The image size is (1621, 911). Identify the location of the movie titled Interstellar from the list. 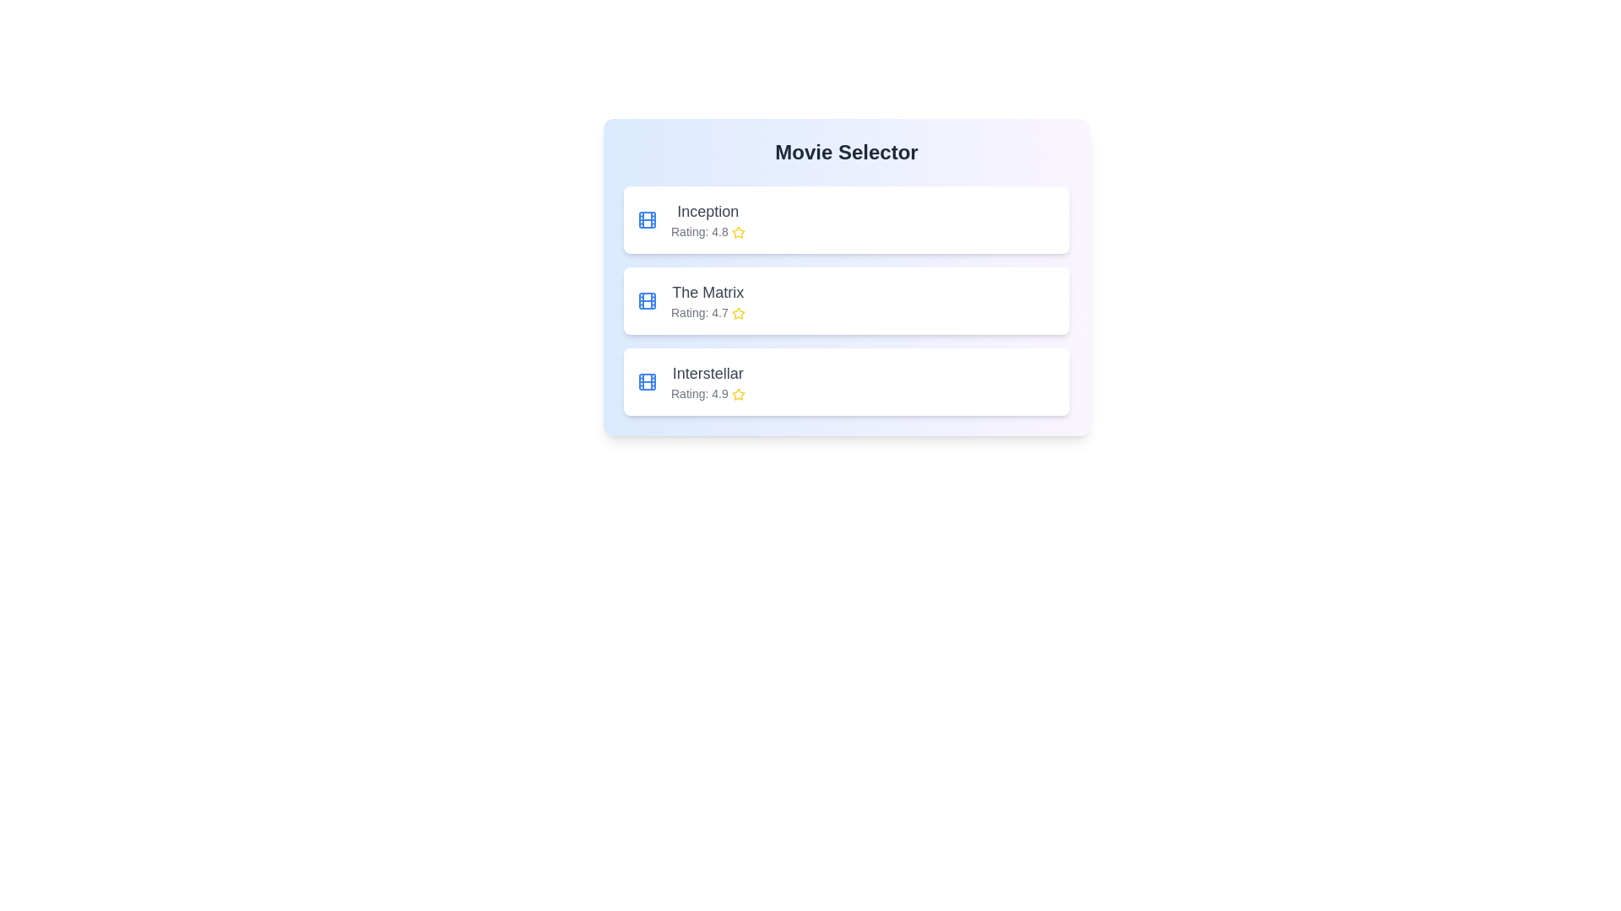
(847, 381).